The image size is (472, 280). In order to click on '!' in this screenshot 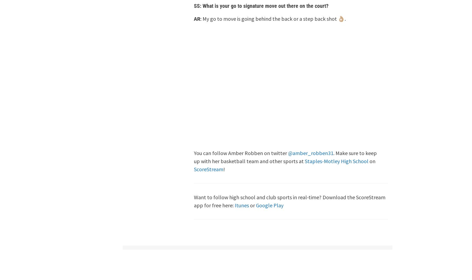, I will do `click(224, 169)`.